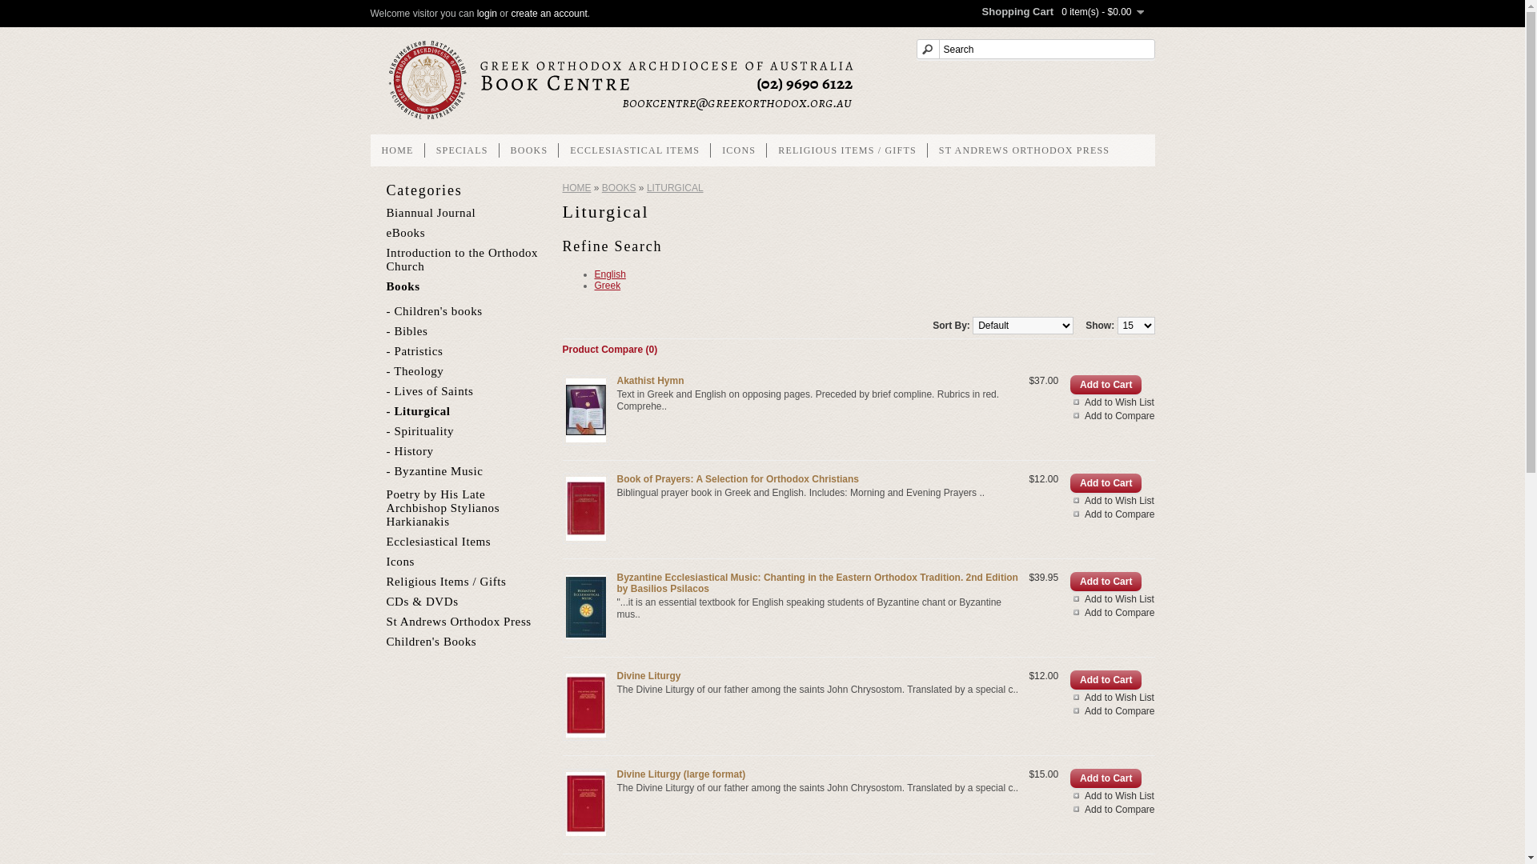 This screenshot has width=1537, height=864. Describe the element at coordinates (618, 187) in the screenshot. I see `'BOOKS'` at that location.